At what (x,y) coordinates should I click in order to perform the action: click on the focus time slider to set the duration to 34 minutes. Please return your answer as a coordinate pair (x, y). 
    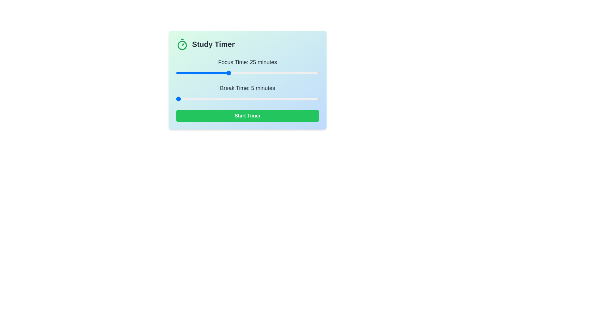
    Looking at the image, I should click on (251, 72).